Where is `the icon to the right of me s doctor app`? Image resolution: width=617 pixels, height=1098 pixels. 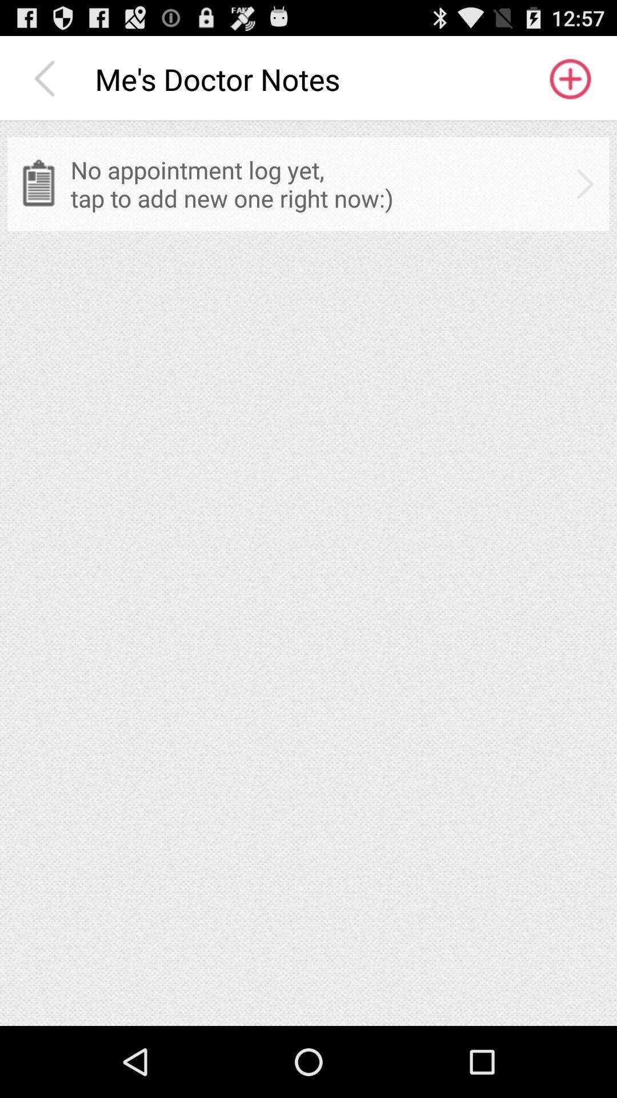 the icon to the right of me s doctor app is located at coordinates (569, 78).